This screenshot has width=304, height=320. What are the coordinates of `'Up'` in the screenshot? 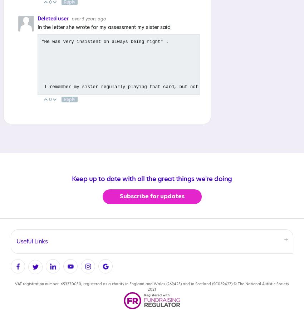 It's located at (54, 99).